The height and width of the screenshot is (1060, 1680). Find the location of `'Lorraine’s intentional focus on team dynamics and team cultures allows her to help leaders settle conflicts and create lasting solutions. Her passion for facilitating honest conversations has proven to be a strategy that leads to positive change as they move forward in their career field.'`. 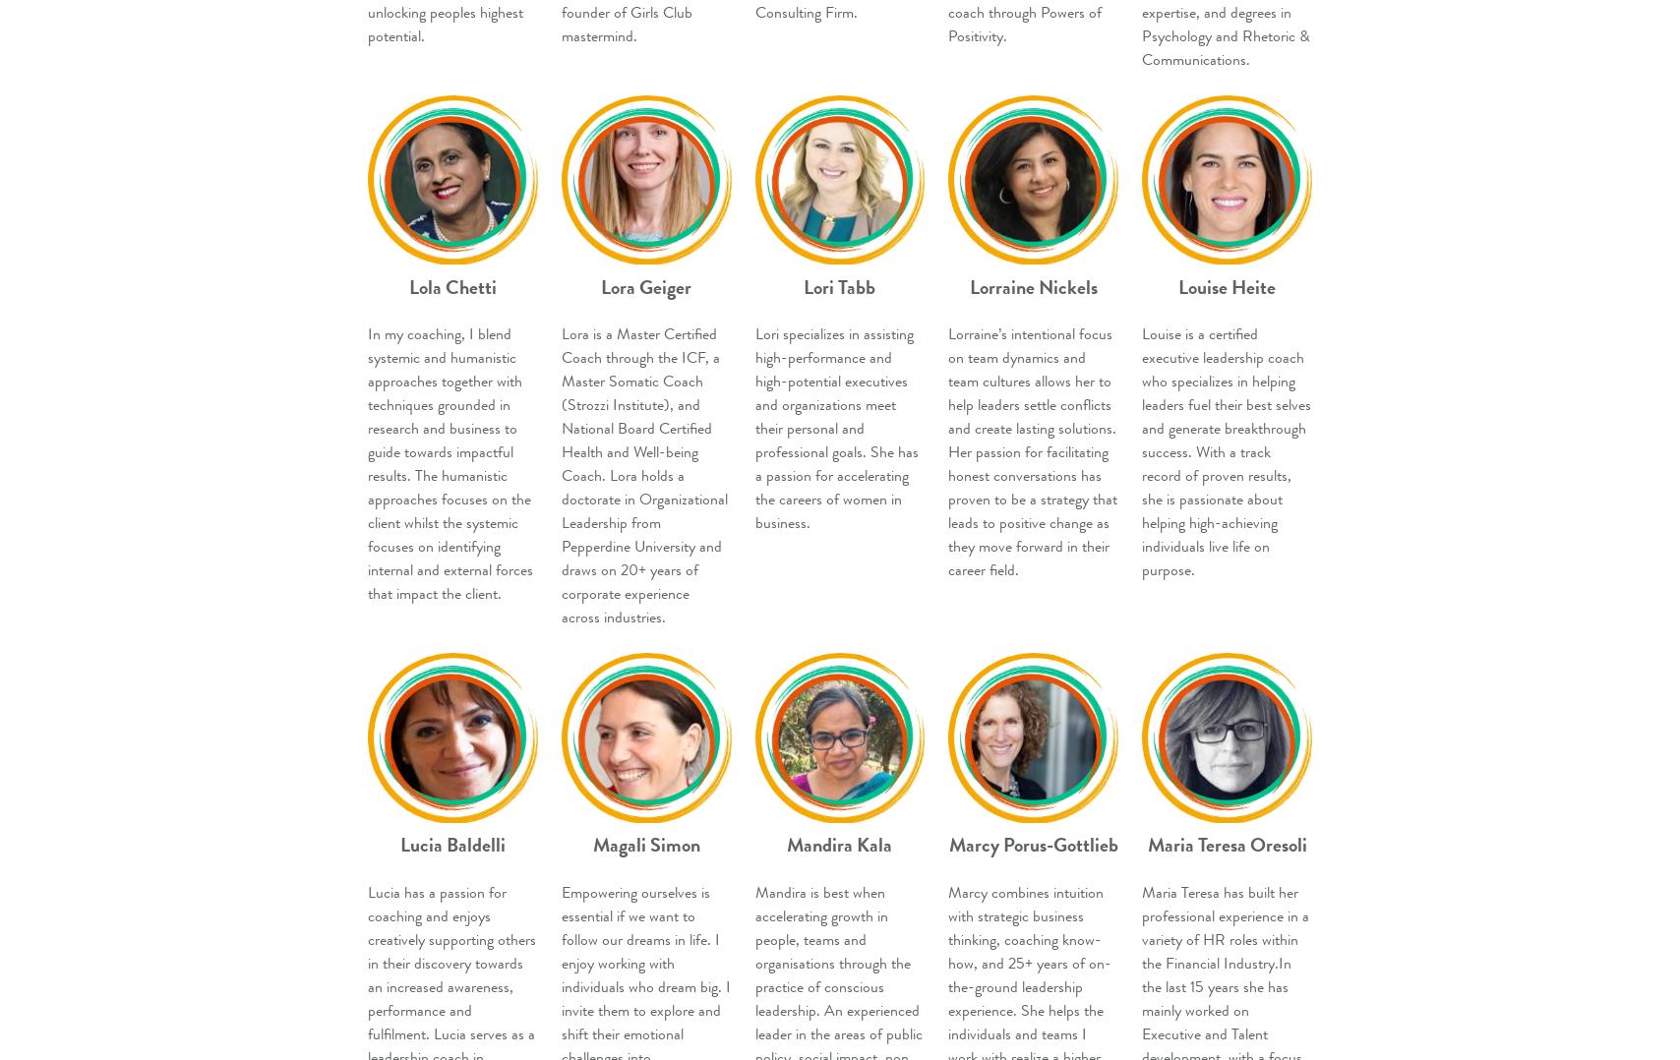

'Lorraine’s intentional focus on team dynamics and team cultures allows her to help leaders settle conflicts and create lasting solutions. Her passion for facilitating honest conversations has proven to be a strategy that leads to positive change as they move forward in their career field.' is located at coordinates (1033, 451).